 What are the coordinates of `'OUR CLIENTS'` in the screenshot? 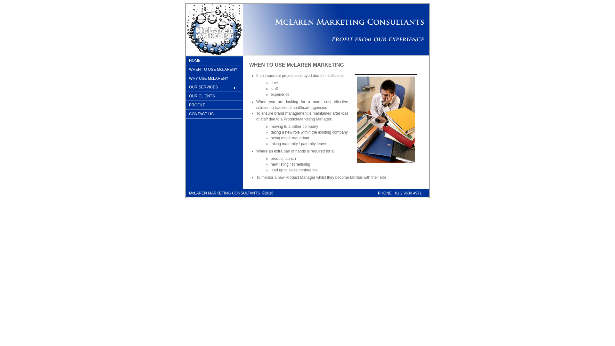 It's located at (185, 96).